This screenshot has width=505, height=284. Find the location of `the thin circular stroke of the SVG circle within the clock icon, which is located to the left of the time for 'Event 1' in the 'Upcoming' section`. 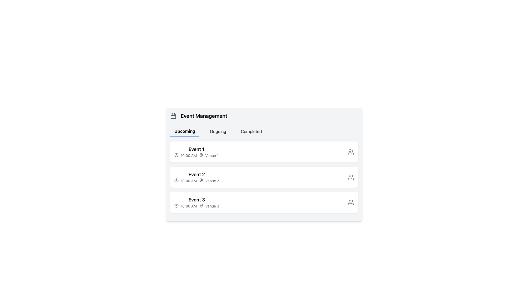

the thin circular stroke of the SVG circle within the clock icon, which is located to the left of the time for 'Event 1' in the 'Upcoming' section is located at coordinates (176, 155).